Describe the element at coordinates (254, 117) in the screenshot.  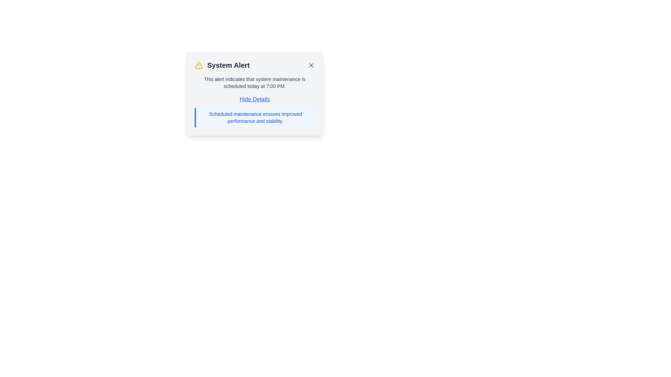
I see `the informational text block that displays a message about scheduled maintenance, which is located below the 'Hide Details' link` at that location.